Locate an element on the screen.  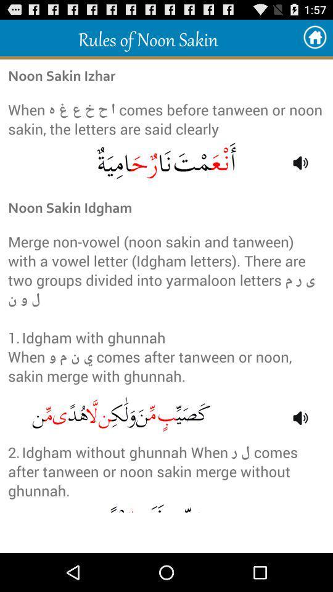
app next to rules of noon item is located at coordinates (314, 38).